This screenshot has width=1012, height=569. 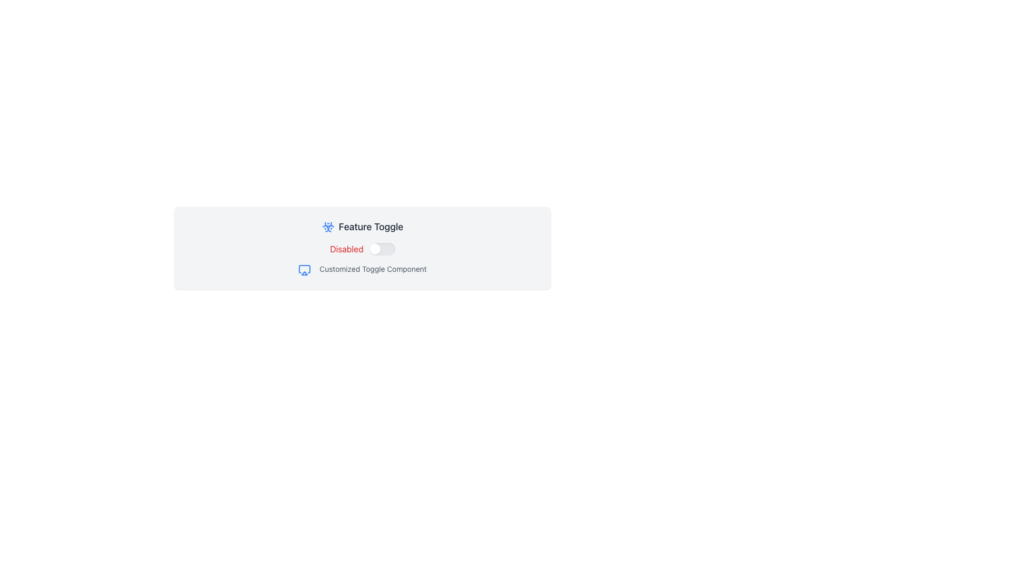 What do you see at coordinates (362, 270) in the screenshot?
I see `the text label 'Customized Toggle Component' located below the 'Disabled' toggle switch in the 'Feature Toggle' section` at bounding box center [362, 270].